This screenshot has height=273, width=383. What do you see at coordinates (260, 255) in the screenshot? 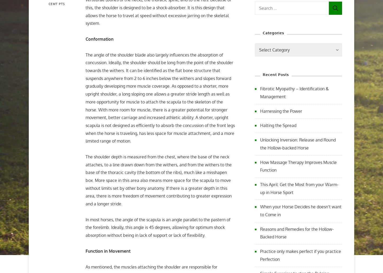
I see `'Practice only makes perfect if you practice Perfection'` at bounding box center [260, 255].